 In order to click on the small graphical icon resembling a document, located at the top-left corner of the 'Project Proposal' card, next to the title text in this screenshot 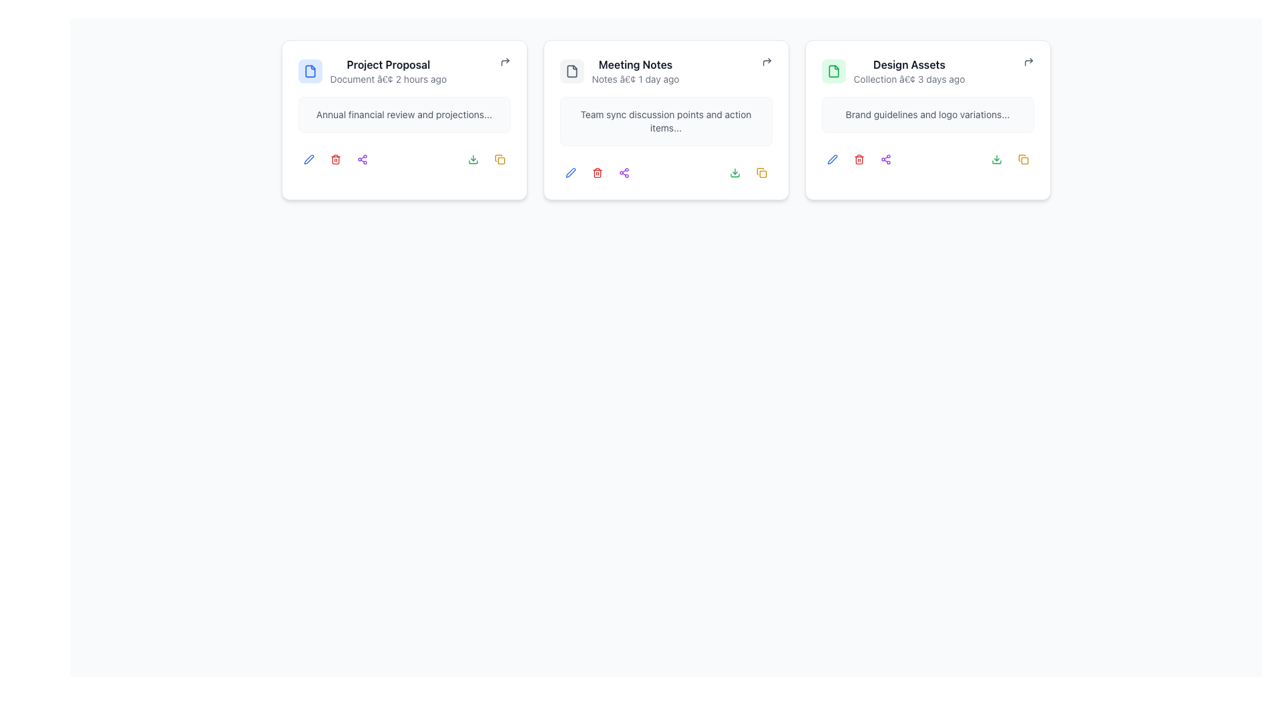, I will do `click(309, 71)`.